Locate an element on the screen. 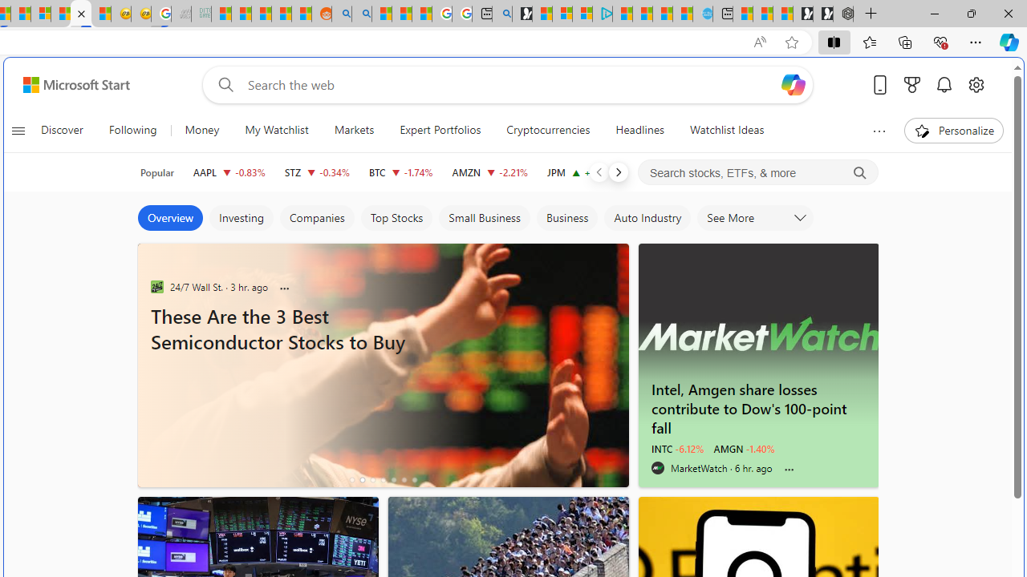  'Headlines' is located at coordinates (639, 130).